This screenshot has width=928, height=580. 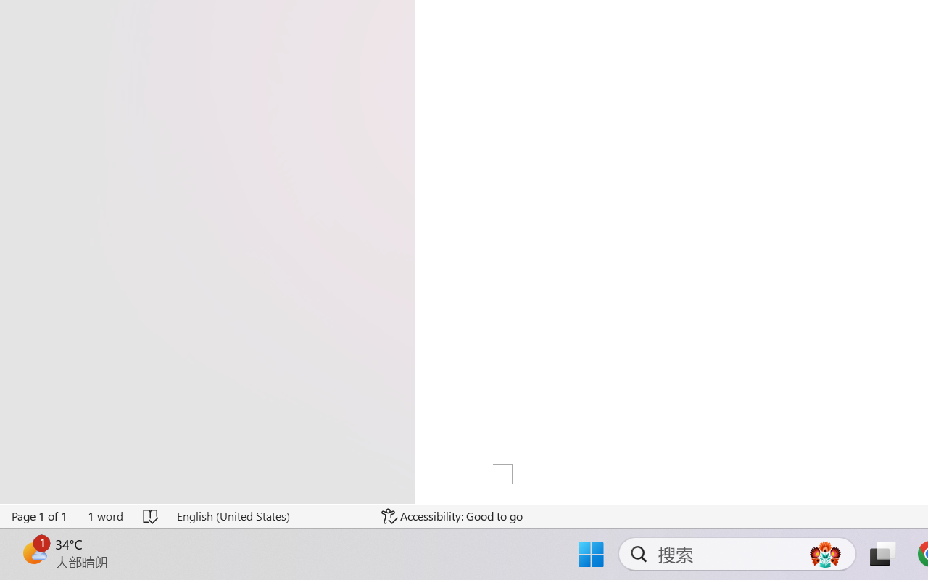 I want to click on 'AutomationID: BadgeAnchorLargeTicker', so click(x=33, y=552).